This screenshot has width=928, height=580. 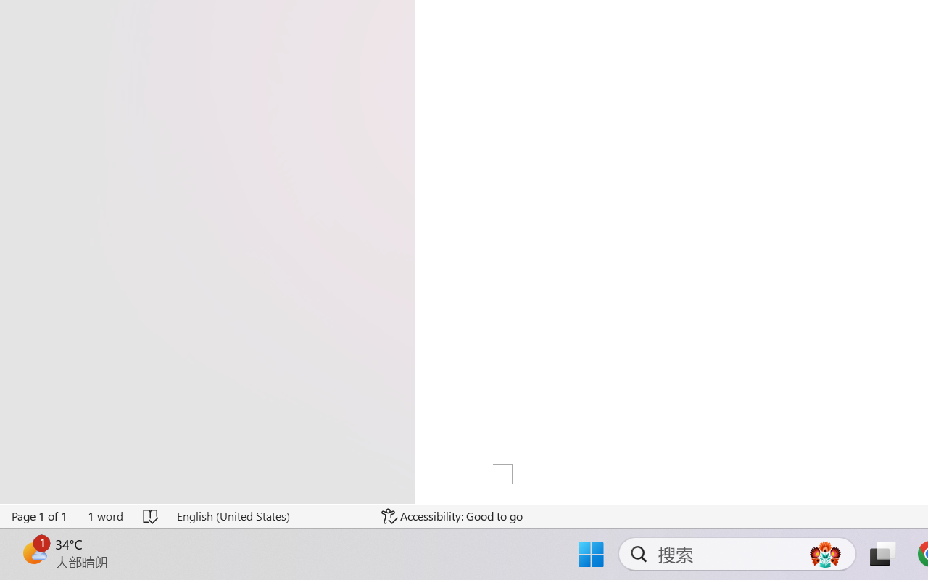 I want to click on 'AutomationID: BadgeAnchorLargeTicker', so click(x=33, y=552).